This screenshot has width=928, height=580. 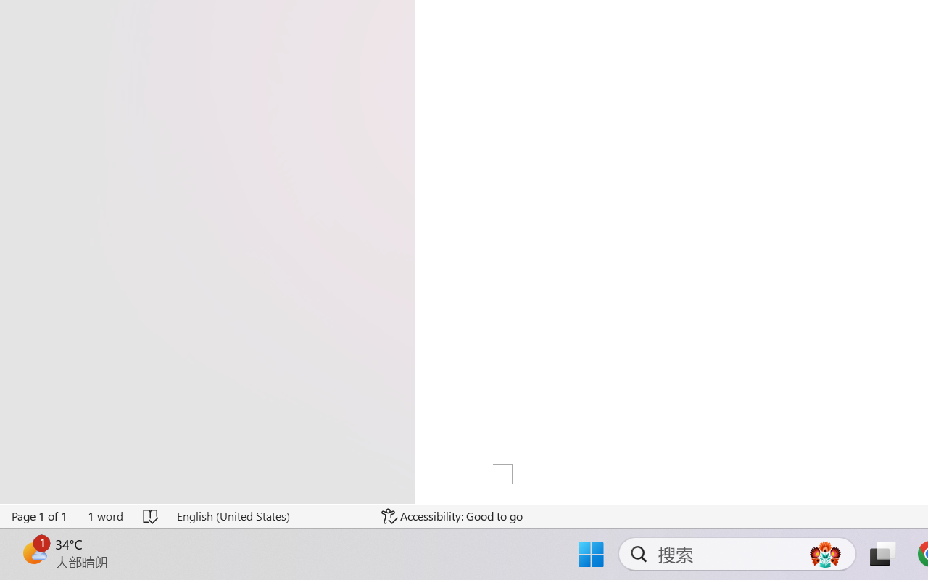 I want to click on 'AutomationID: BadgeAnchorLargeTicker', so click(x=33, y=552).